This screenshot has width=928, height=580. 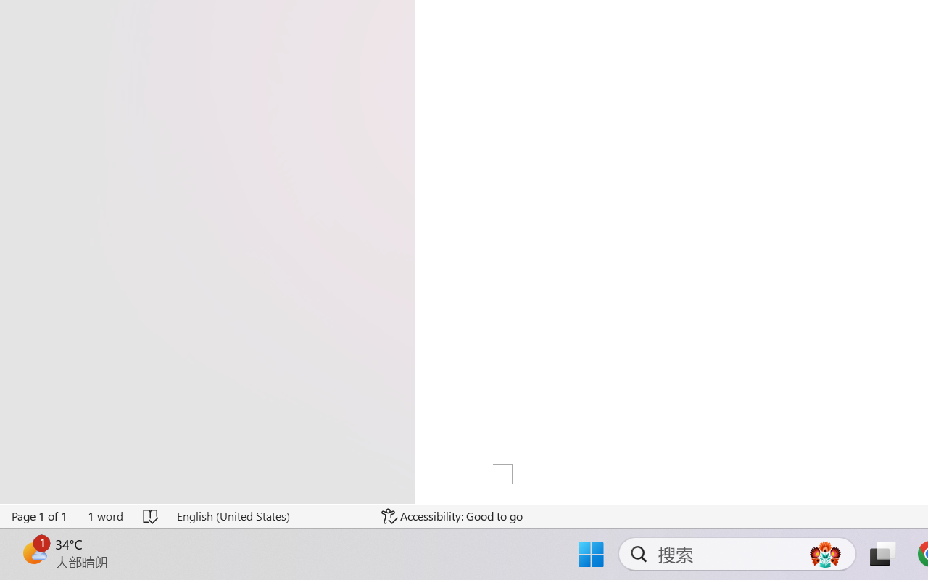 I want to click on 'AutomationID: BadgeAnchorLargeTicker', so click(x=33, y=552).